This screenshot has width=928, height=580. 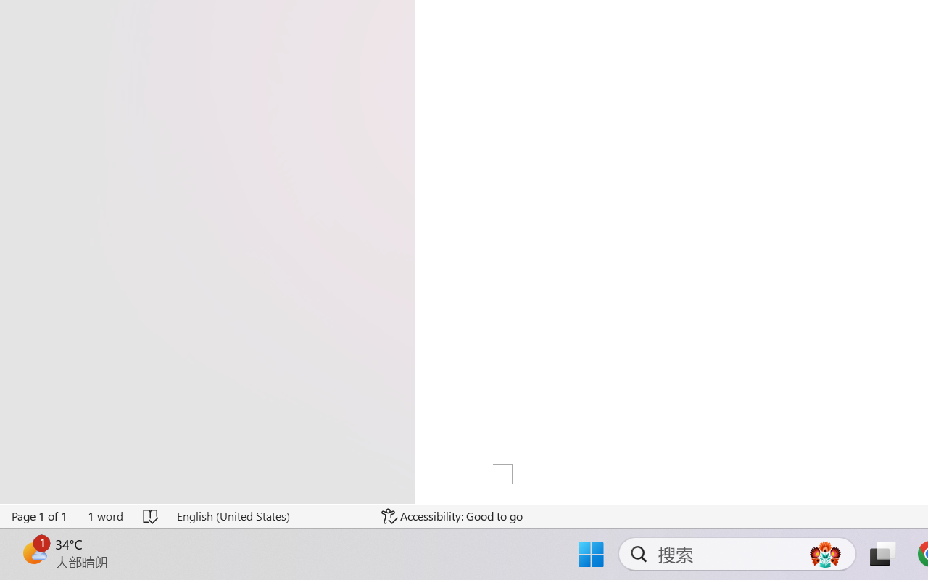 I want to click on 'AutomationID: BadgeAnchorLargeTicker', so click(x=33, y=552).